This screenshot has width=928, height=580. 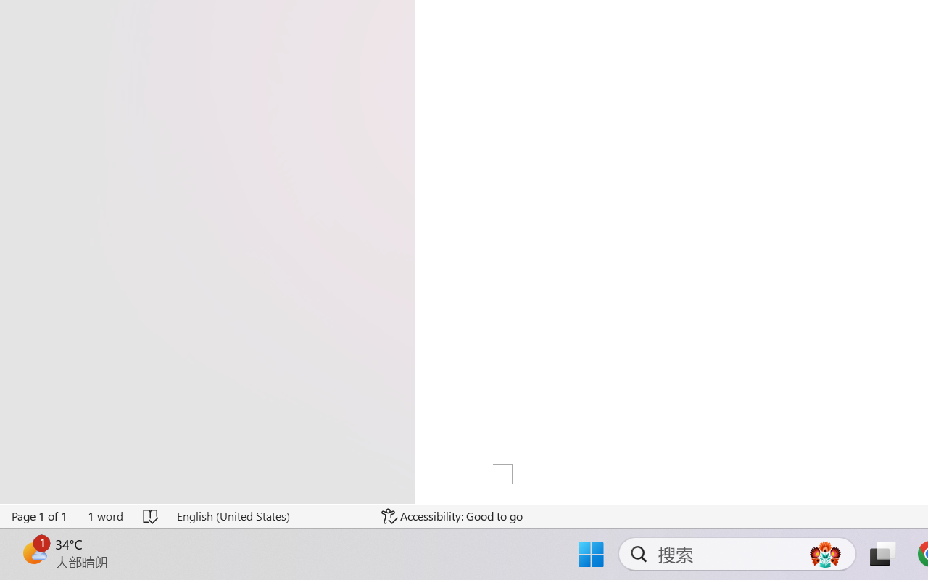 I want to click on 'AutomationID: BadgeAnchorLargeTicker', so click(x=33, y=552).